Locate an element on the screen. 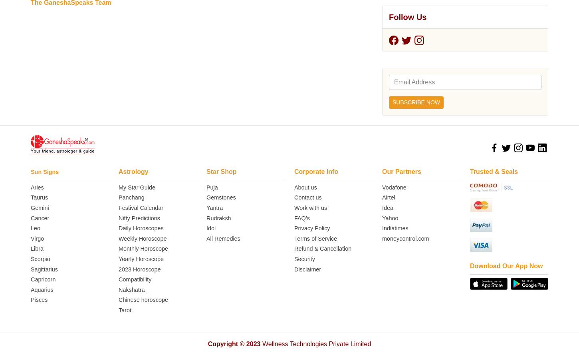 The height and width of the screenshot is (355, 579). 'Copyright © 2023' is located at coordinates (234, 90).